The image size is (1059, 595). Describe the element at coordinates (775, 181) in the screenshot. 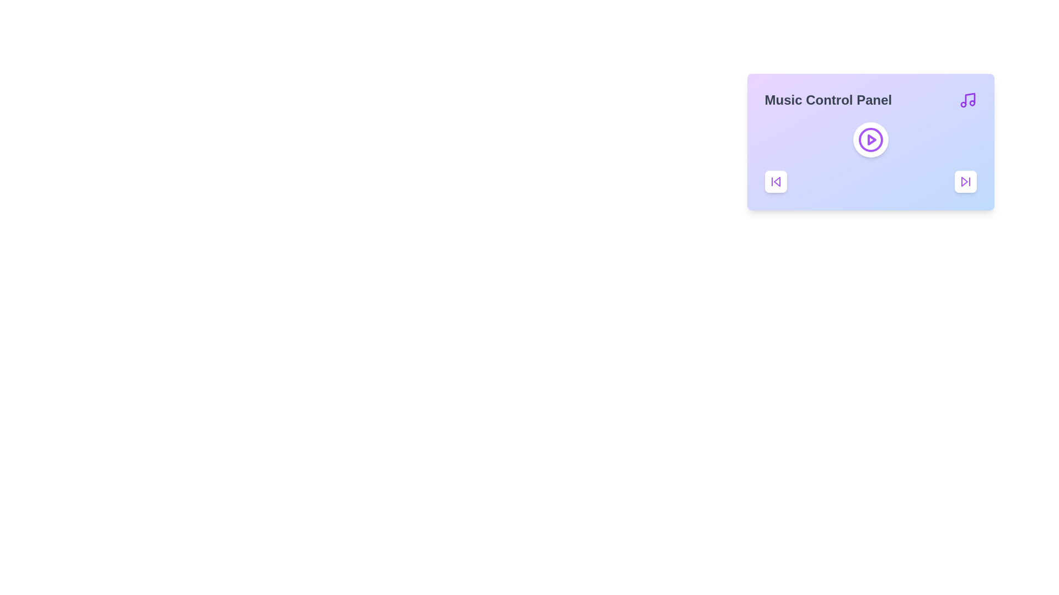

I see `the small square button with rounded corners and a purple left-pointing arrow symbol located at the bottom left corner of the music control panel` at that location.